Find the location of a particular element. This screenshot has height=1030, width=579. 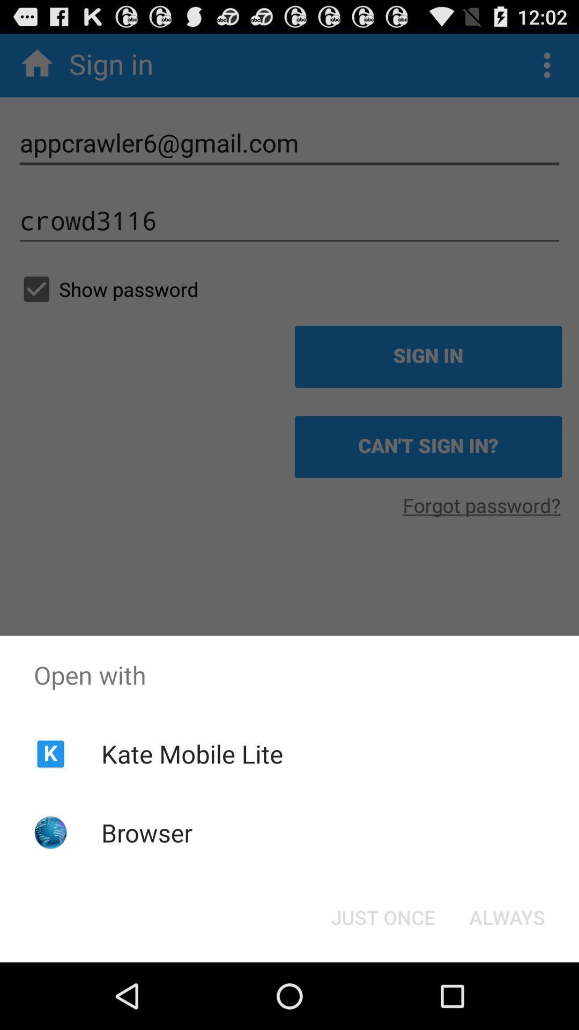

app below open with item is located at coordinates (191, 753).